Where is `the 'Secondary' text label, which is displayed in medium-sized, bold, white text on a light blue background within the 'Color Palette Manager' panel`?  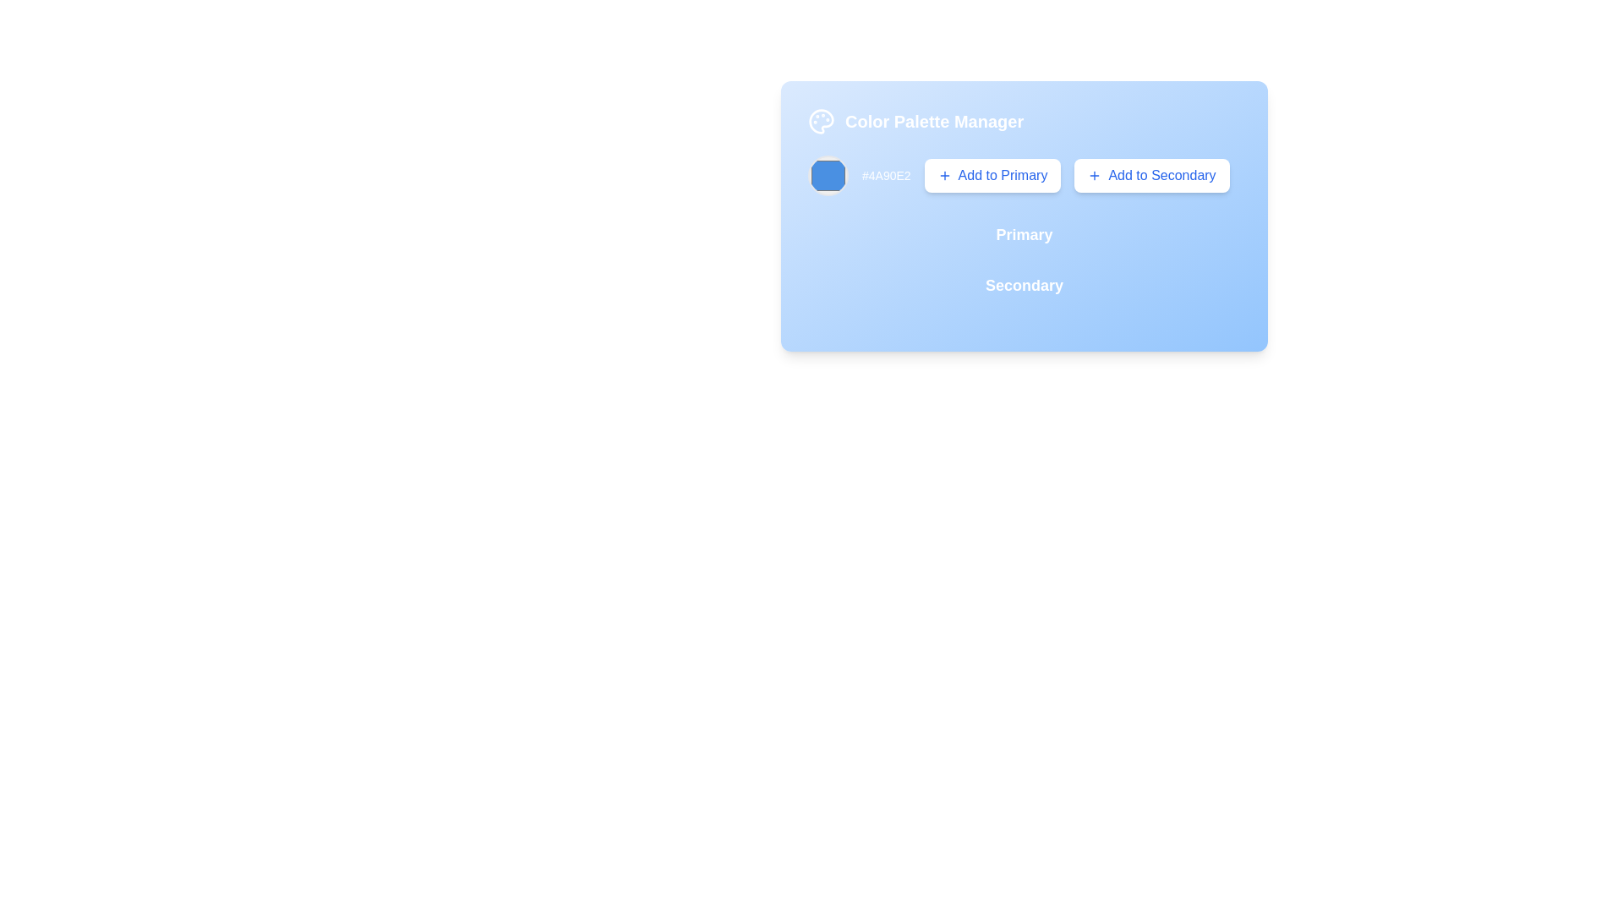 the 'Secondary' text label, which is displayed in medium-sized, bold, white text on a light blue background within the 'Color Palette Manager' panel is located at coordinates (1023, 288).